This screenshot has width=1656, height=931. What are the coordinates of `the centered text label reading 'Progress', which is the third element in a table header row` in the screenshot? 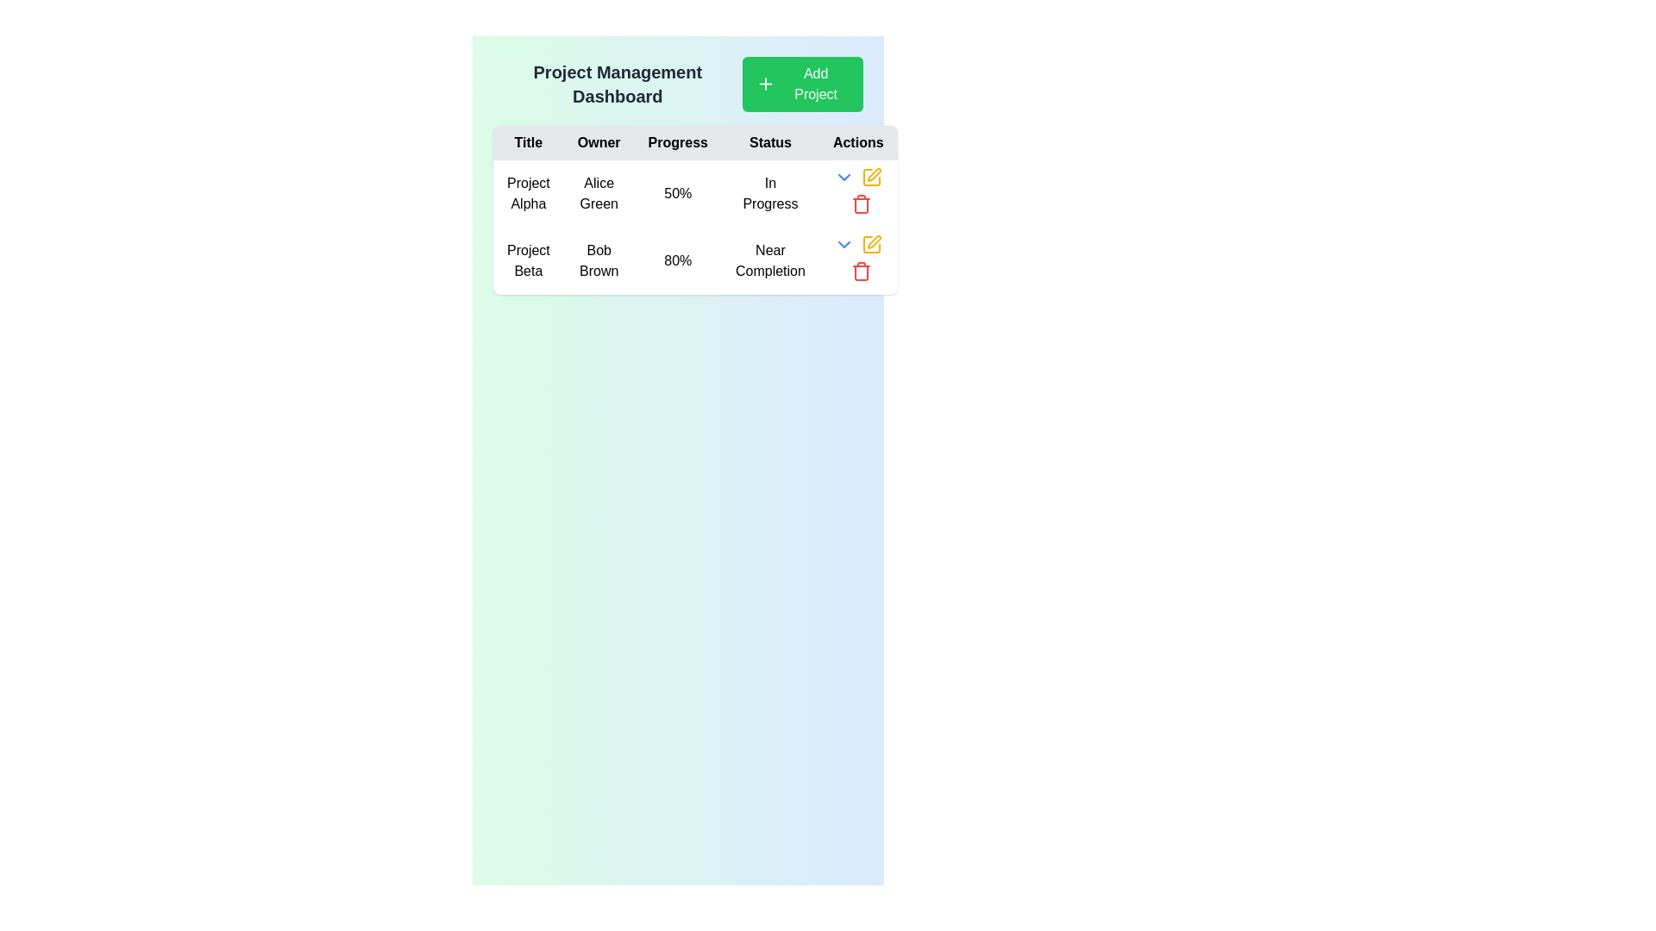 It's located at (677, 141).